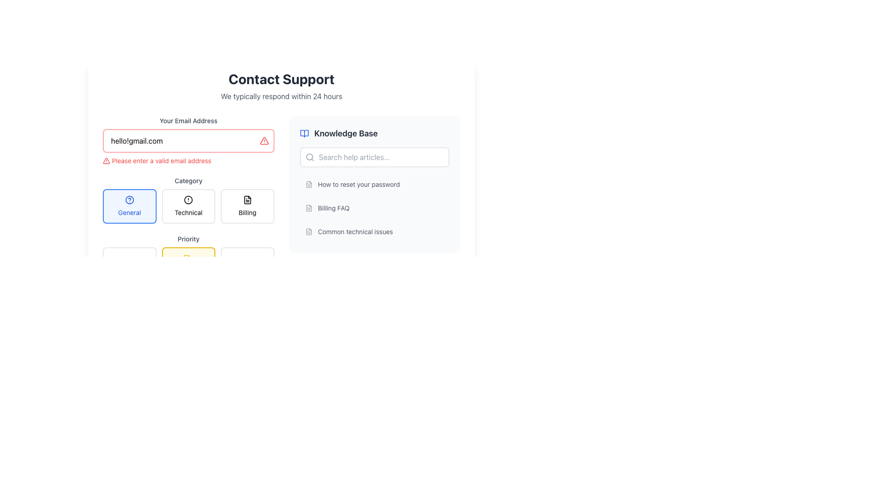  Describe the element at coordinates (188, 199) in the screenshot. I see `the alert icon representing a notification related to the 'Technical' category, located at the top-center of the 'Technical' box` at that location.